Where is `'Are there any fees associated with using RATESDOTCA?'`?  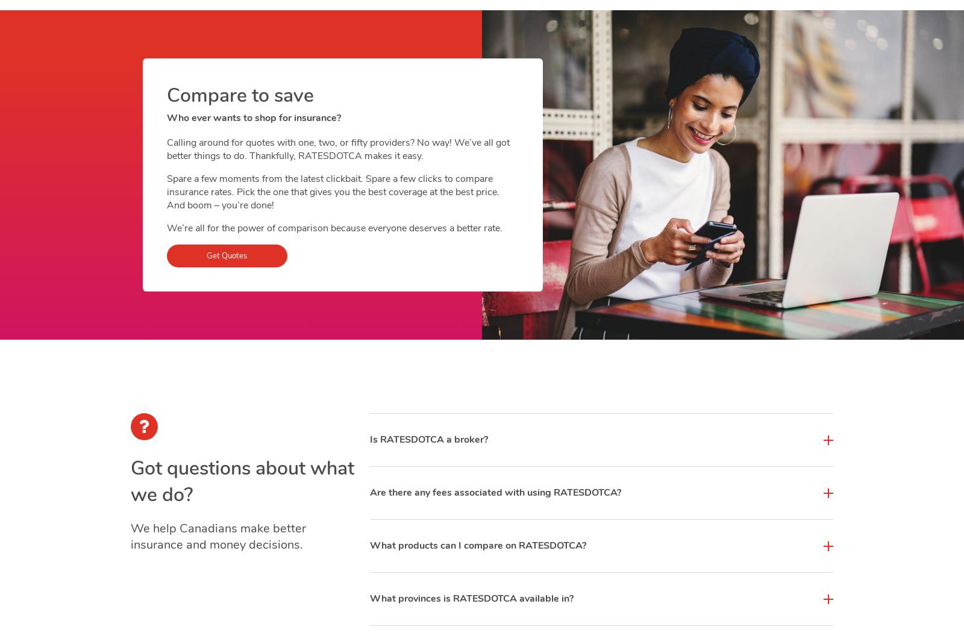
'Are there any fees associated with using RATESDOTCA?' is located at coordinates (494, 492).